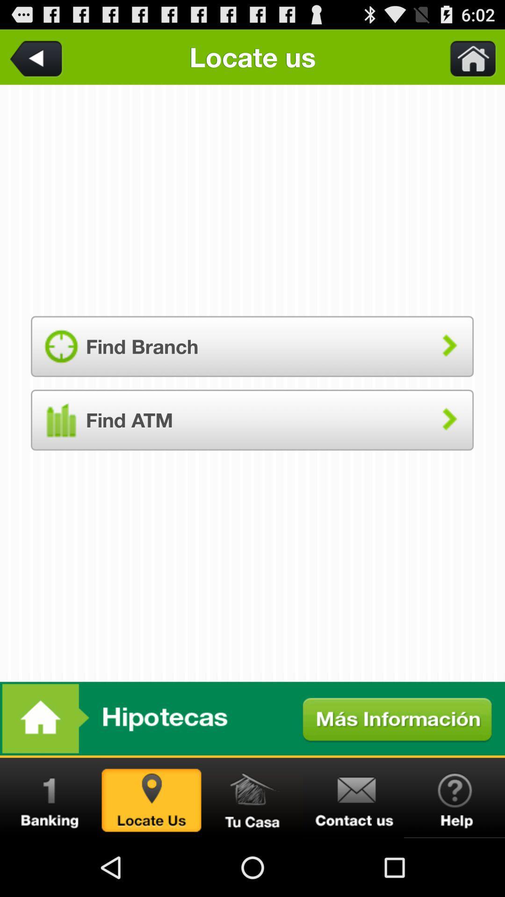  What do you see at coordinates (454, 797) in the screenshot?
I see `help button` at bounding box center [454, 797].